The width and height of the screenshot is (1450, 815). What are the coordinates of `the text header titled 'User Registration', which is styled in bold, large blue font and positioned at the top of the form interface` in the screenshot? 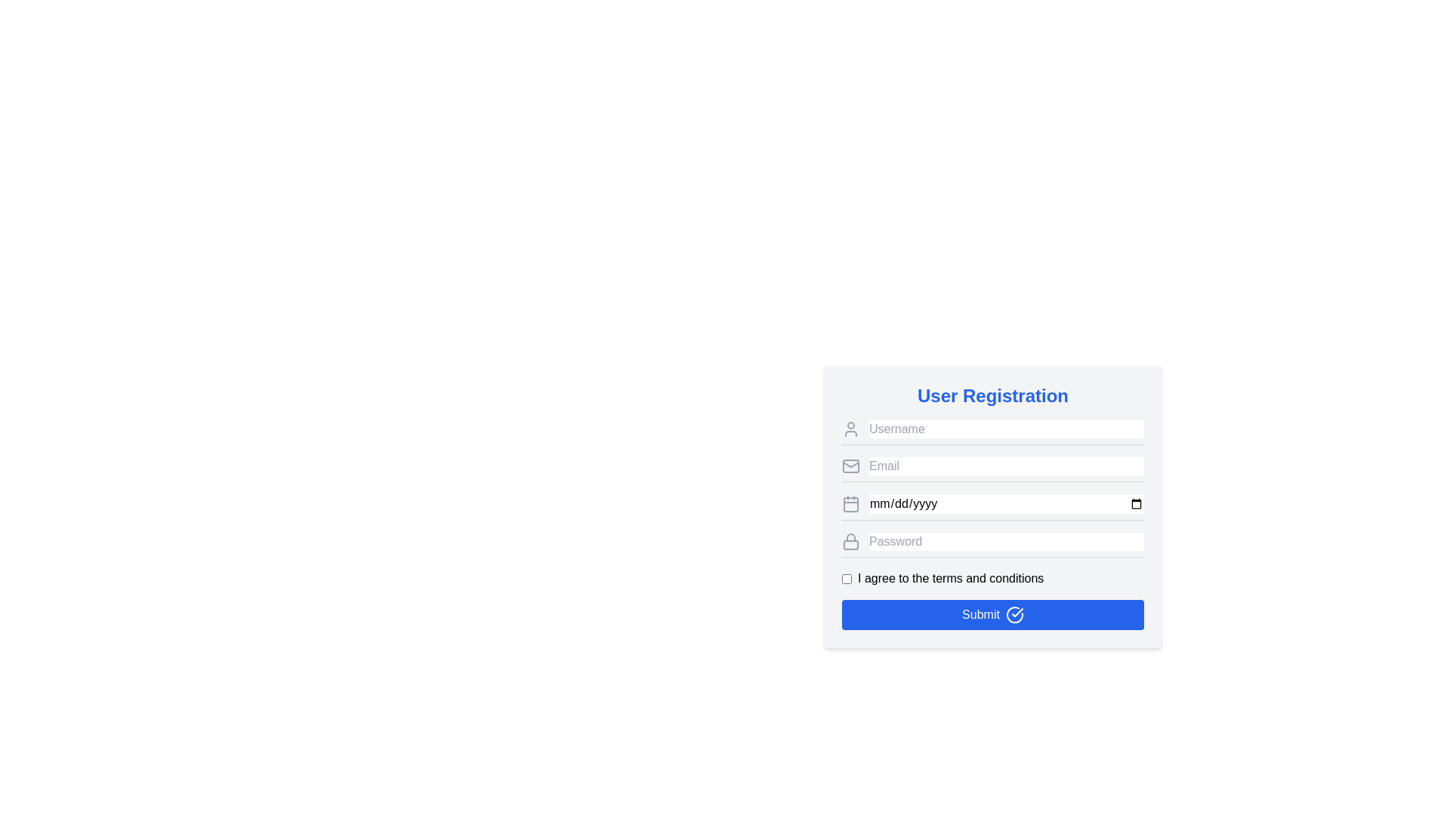 It's located at (993, 395).